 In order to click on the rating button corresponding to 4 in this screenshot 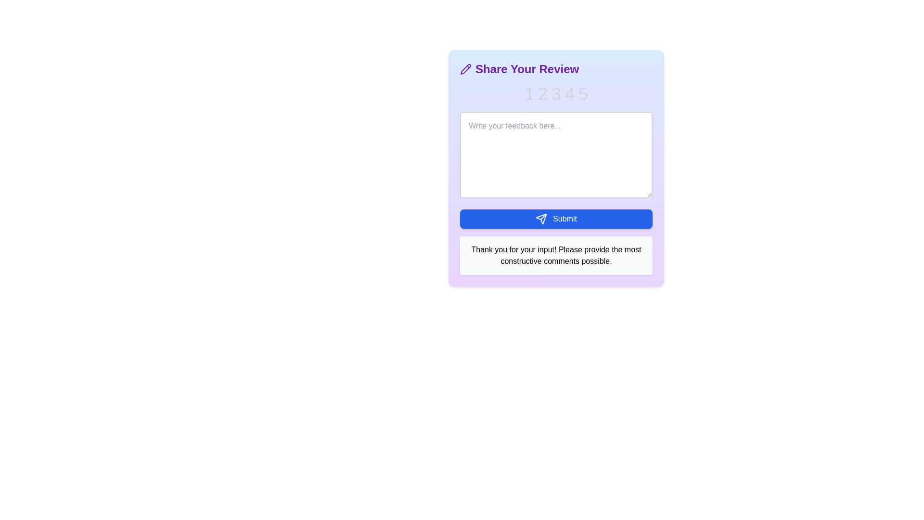, I will do `click(570, 94)`.